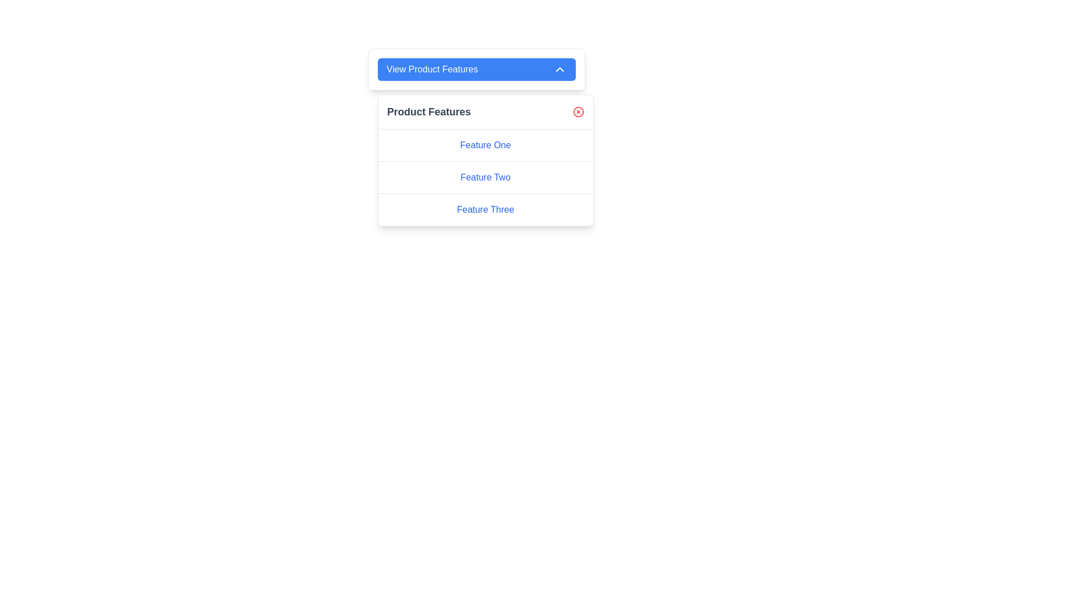  What do you see at coordinates (485, 145) in the screenshot?
I see `the selectable list item labeled 'Feature One'` at bounding box center [485, 145].